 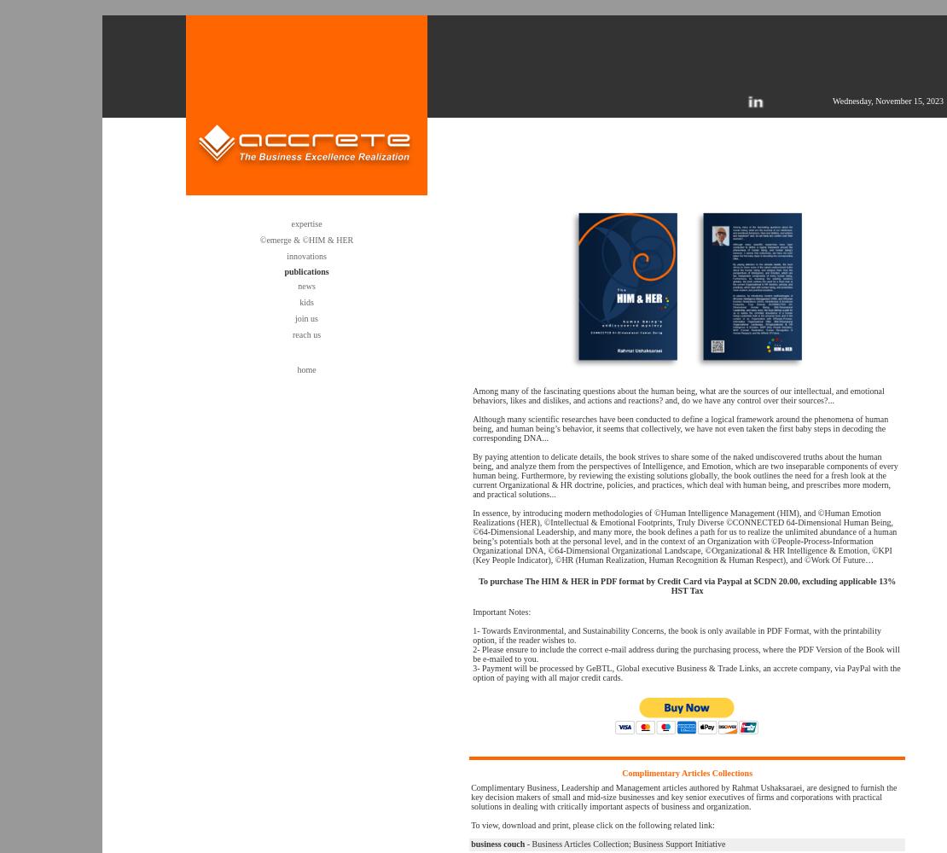 What do you see at coordinates (305, 270) in the screenshot?
I see `'publications'` at bounding box center [305, 270].